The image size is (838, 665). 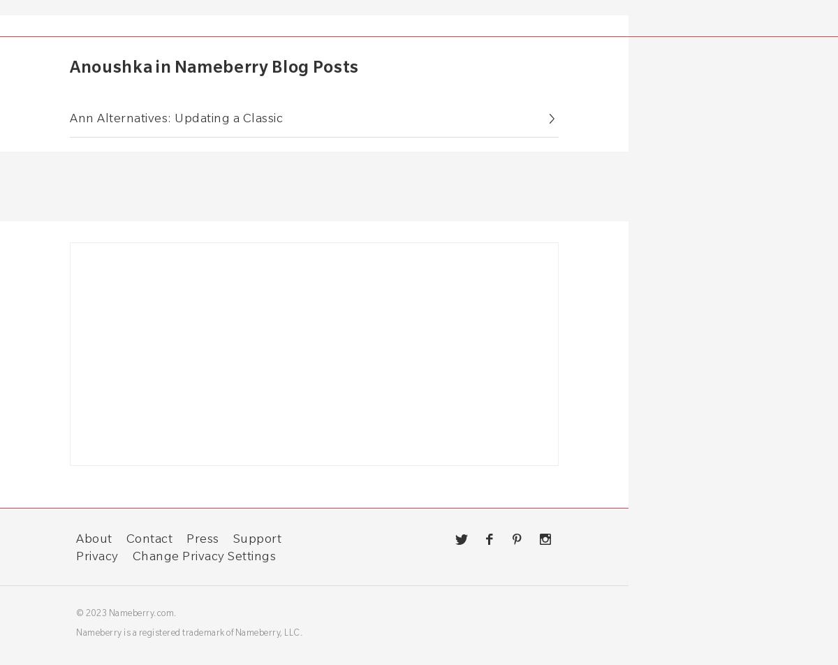 I want to click on '2023', so click(x=96, y=612).